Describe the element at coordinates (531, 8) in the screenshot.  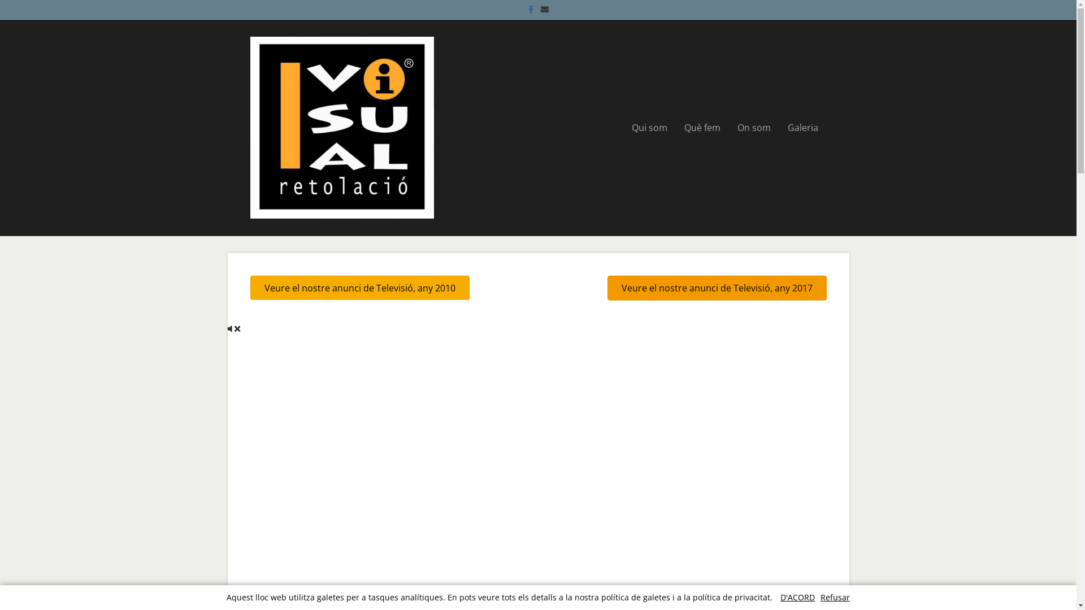
I see `'Facebook'` at that location.